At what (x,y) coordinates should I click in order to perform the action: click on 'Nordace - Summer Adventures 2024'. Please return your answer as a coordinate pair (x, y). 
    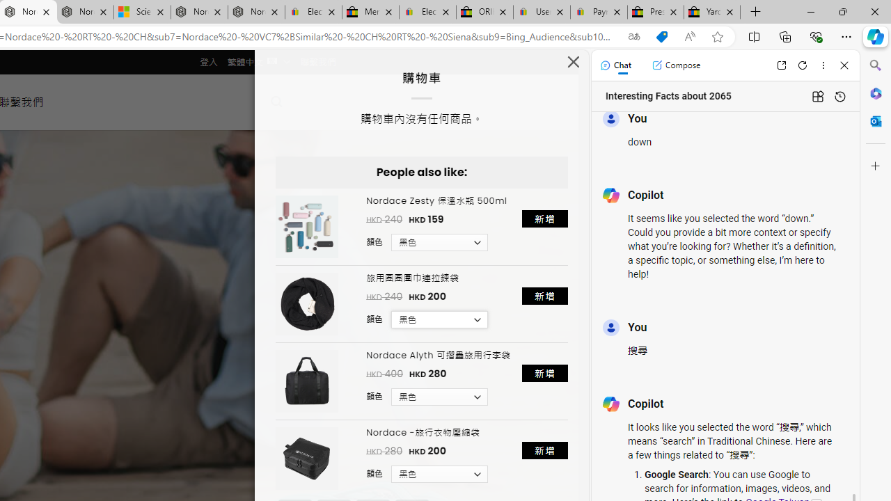
    Looking at the image, I should click on (198, 12).